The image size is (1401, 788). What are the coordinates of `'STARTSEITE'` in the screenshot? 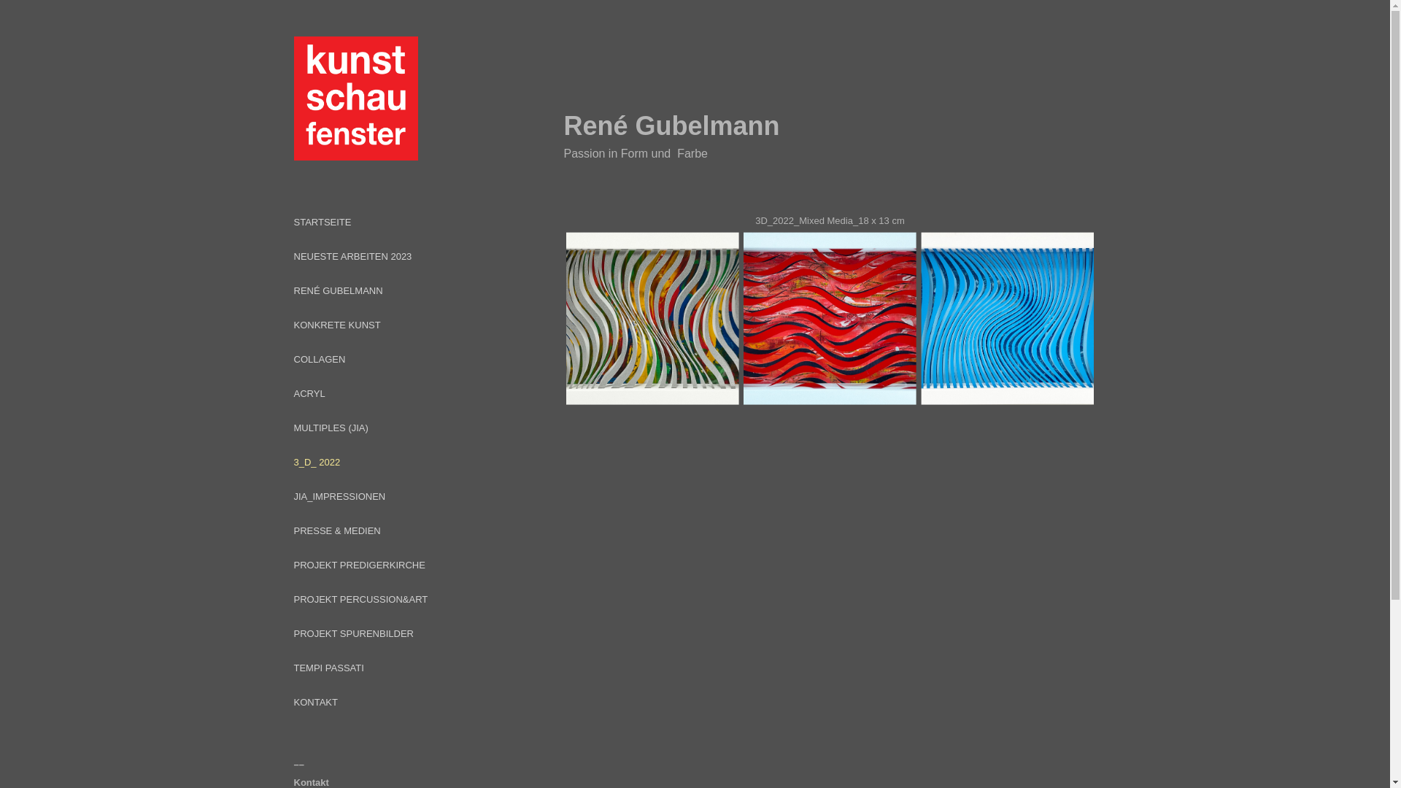 It's located at (321, 222).